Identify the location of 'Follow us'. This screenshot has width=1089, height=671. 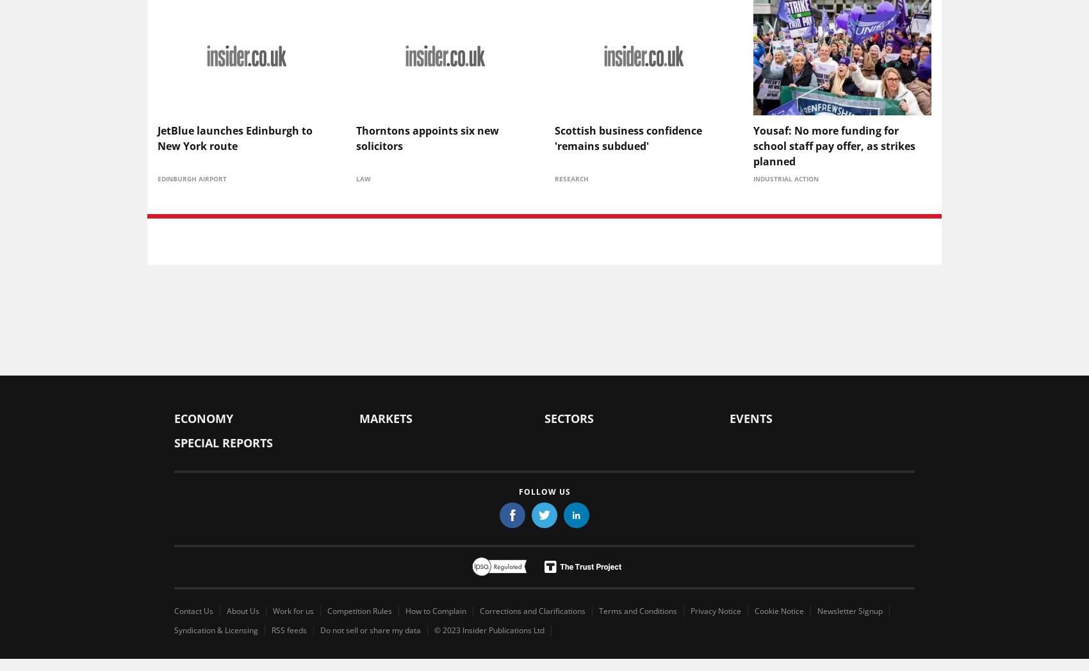
(543, 490).